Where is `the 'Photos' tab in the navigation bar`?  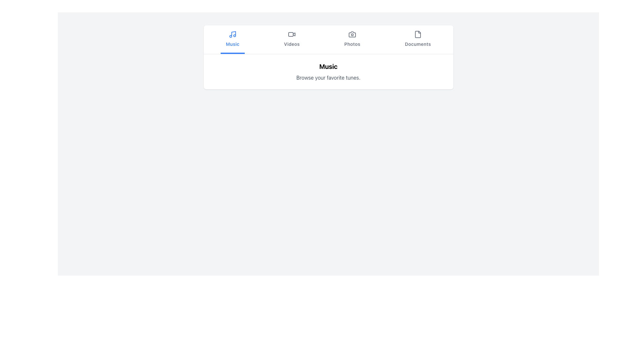
the 'Photos' tab in the navigation bar is located at coordinates (352, 40).